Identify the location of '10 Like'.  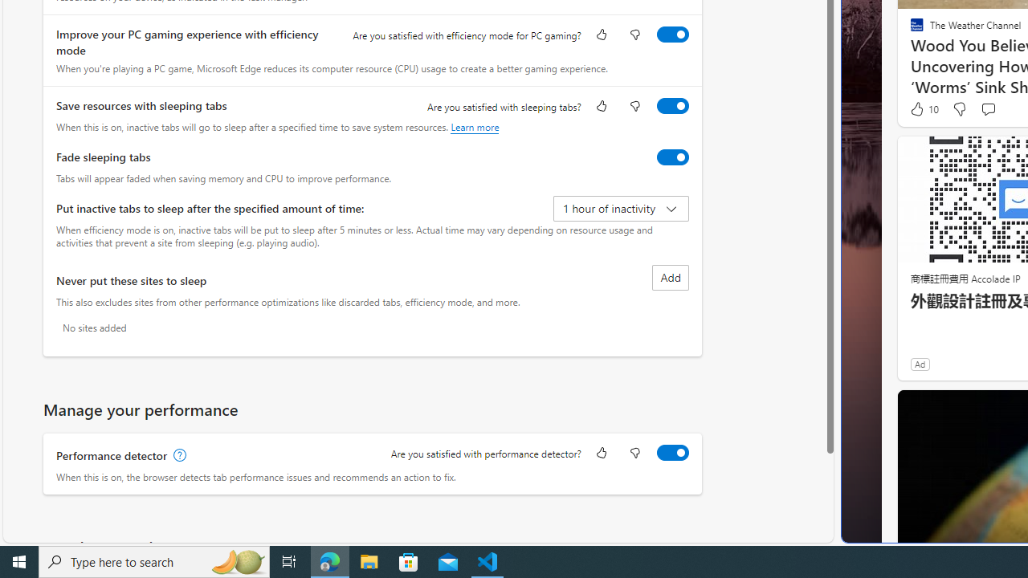
(924, 108).